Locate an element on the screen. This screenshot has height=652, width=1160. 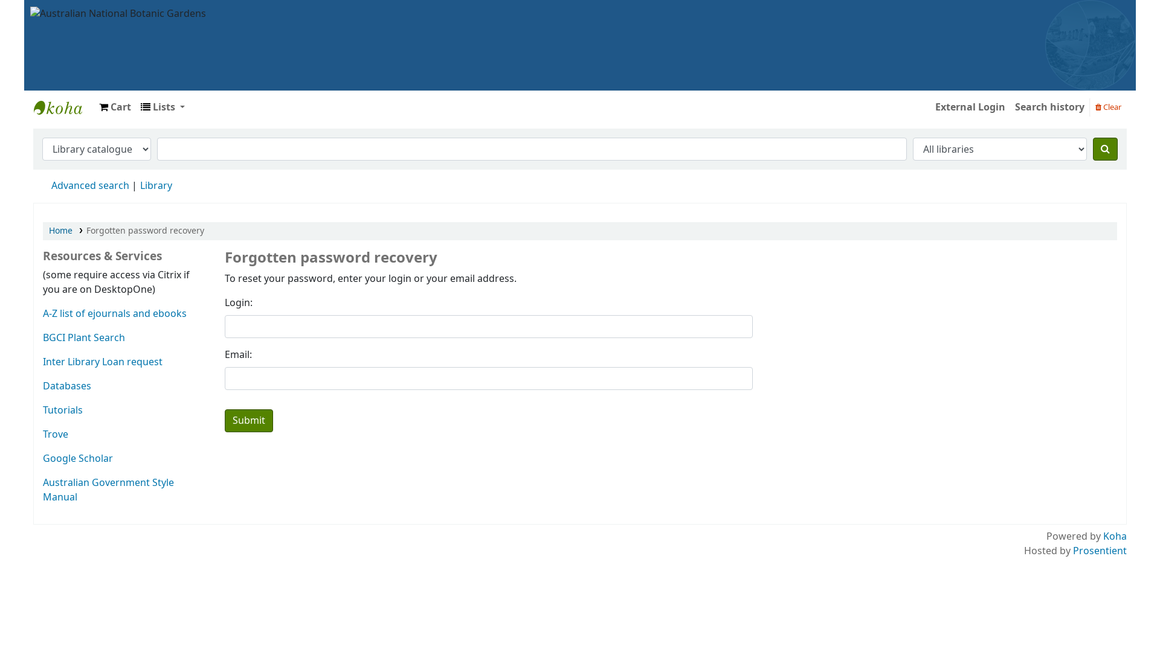
'Clear' is located at coordinates (1108, 106).